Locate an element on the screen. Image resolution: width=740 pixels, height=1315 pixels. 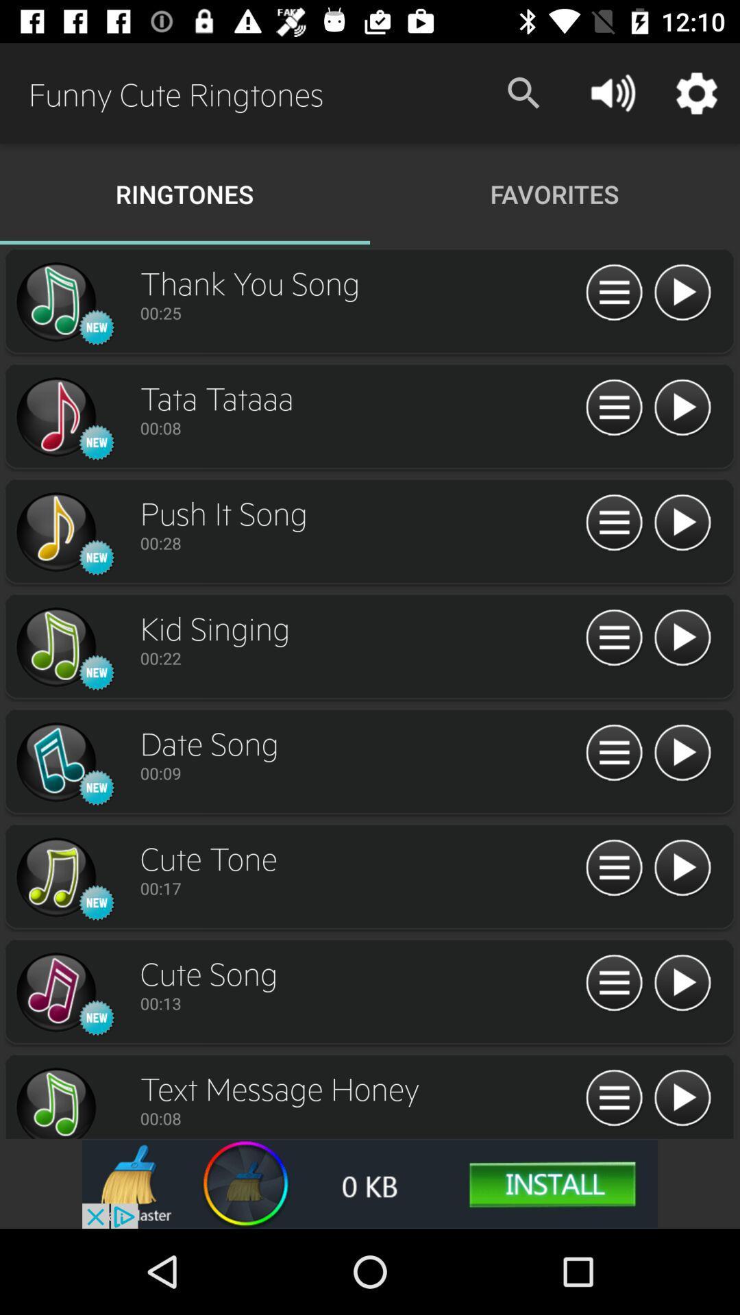
open advertisement is located at coordinates (370, 1183).